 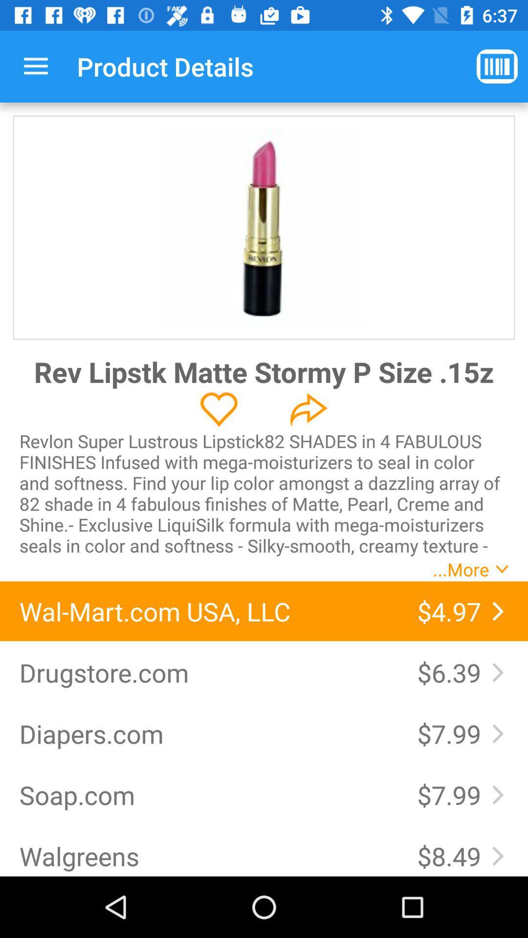 I want to click on icon next to the $6.39, so click(x=208, y=672).